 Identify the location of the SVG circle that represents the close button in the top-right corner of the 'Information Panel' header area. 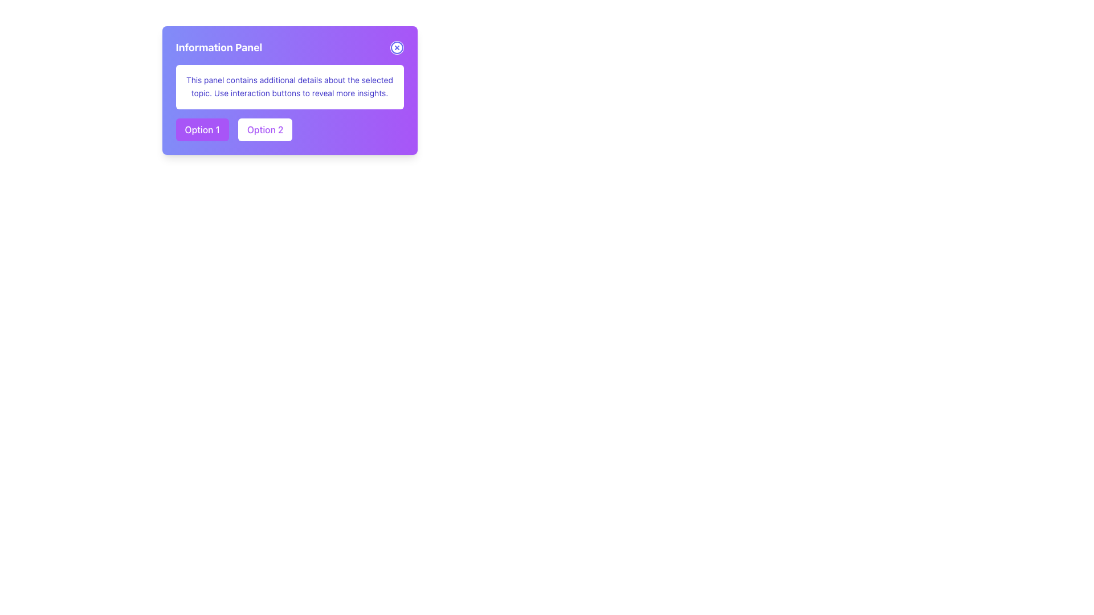
(397, 47).